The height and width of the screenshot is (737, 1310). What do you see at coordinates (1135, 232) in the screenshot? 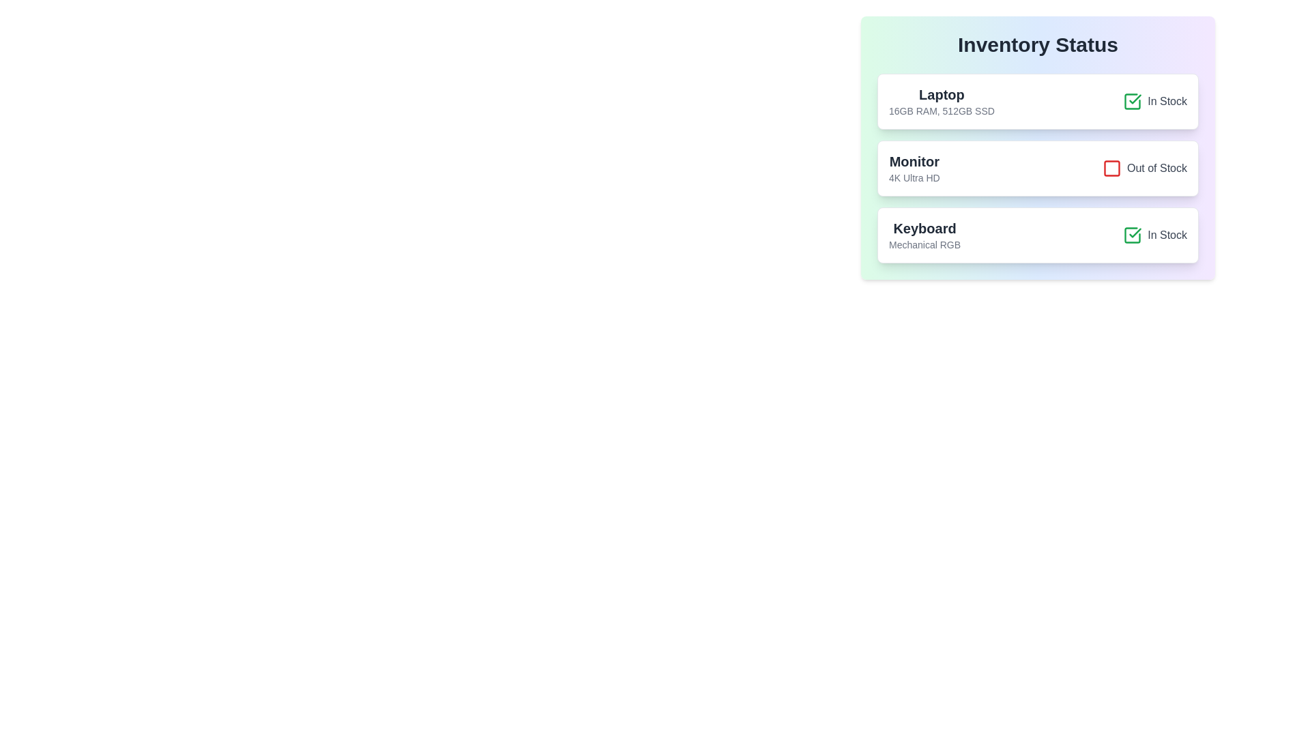
I see `the checkmark SVG element indicating that the item 'Keyboard' is in stock in the 'Inventory Status' section` at bounding box center [1135, 232].